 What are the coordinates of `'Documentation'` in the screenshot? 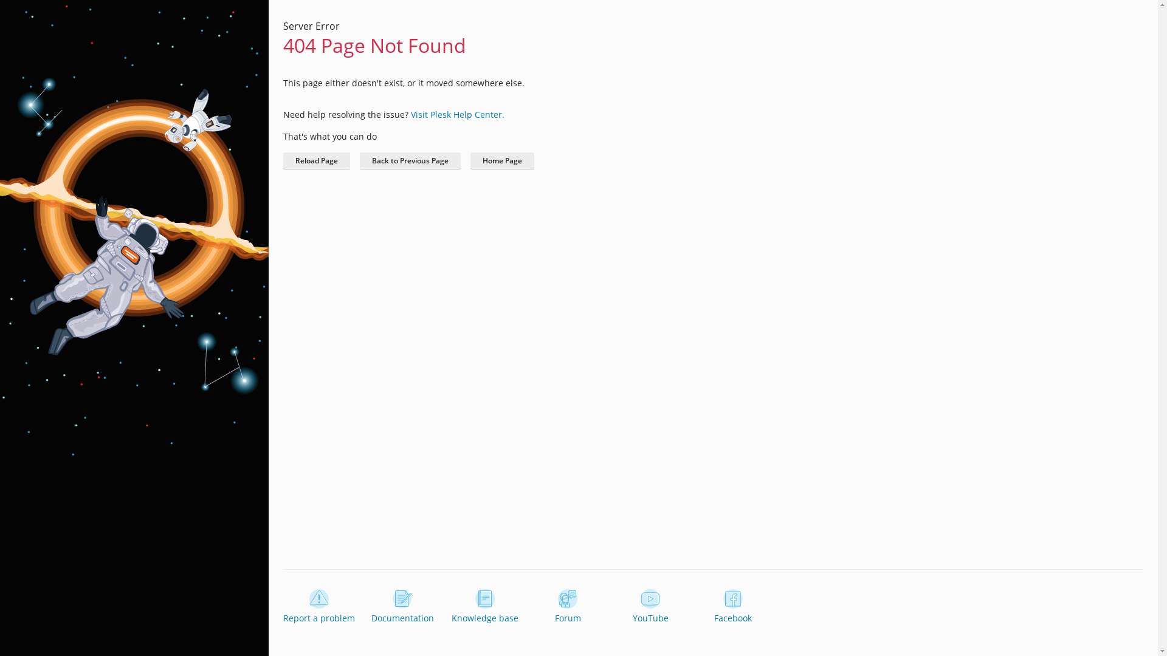 It's located at (402, 607).